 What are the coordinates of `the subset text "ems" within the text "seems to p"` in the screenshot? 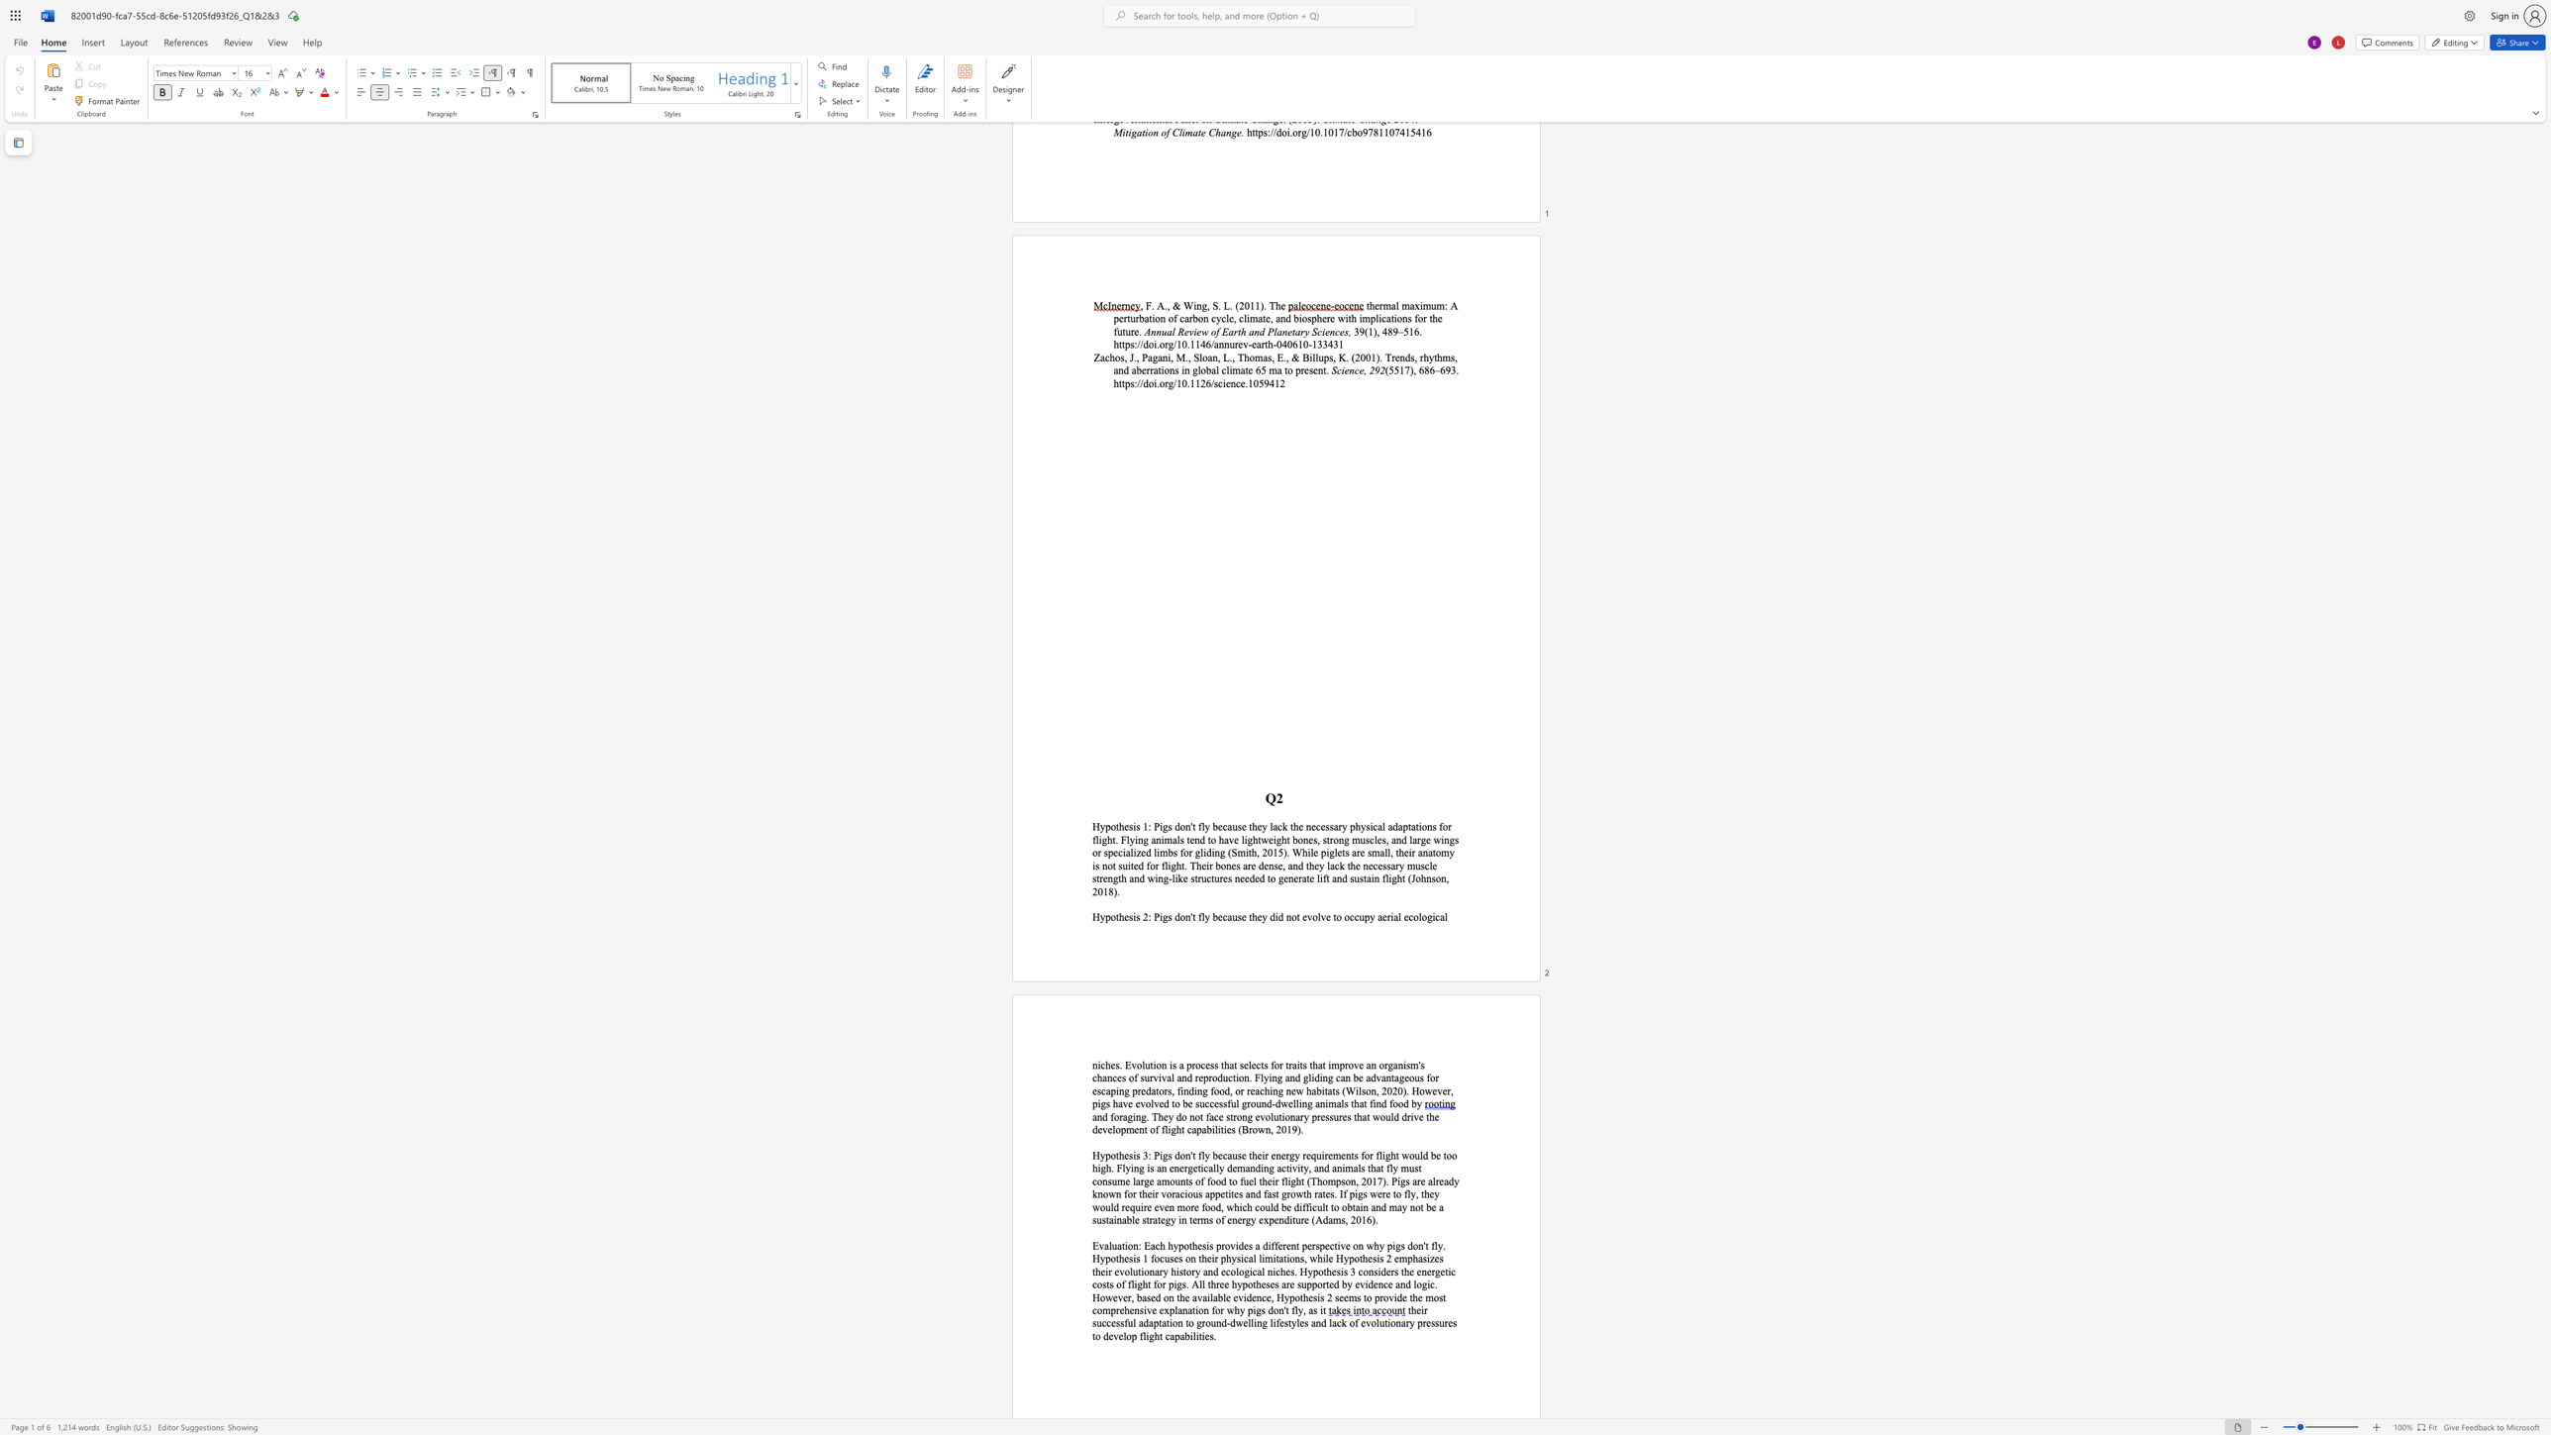 It's located at (1343, 1297).